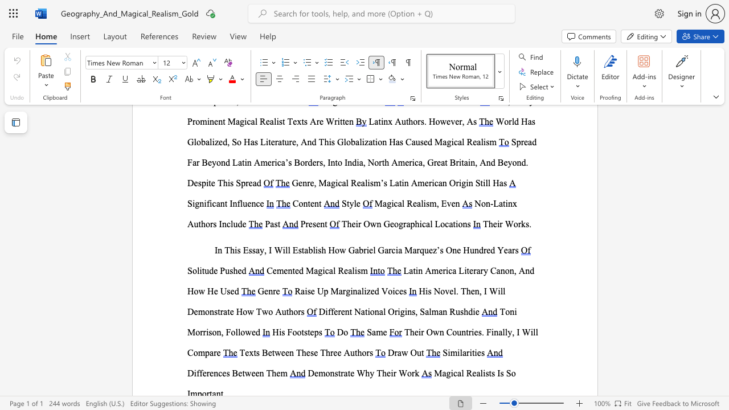  What do you see at coordinates (502, 332) in the screenshot?
I see `the subset text "lly, I W" within the text "Their Own Countries. Finally, I Will Compare"` at bounding box center [502, 332].